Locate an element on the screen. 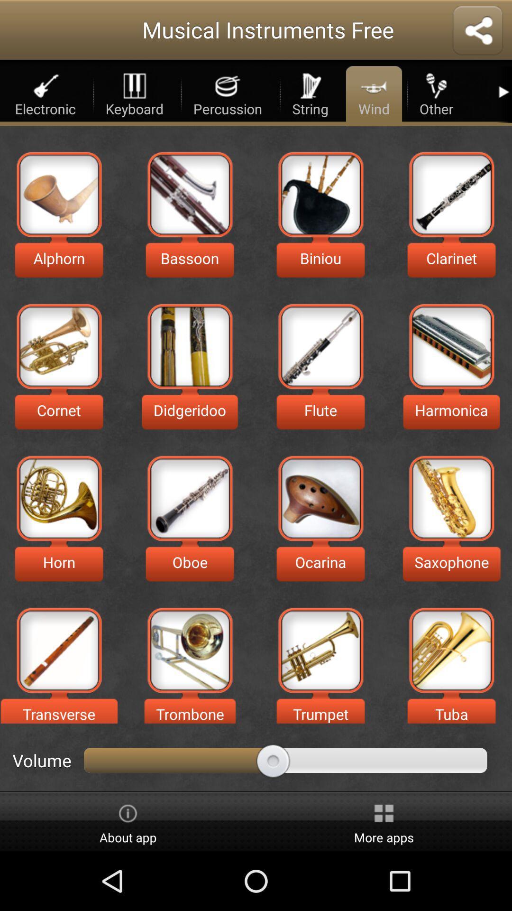  press for cornet is located at coordinates (59, 346).